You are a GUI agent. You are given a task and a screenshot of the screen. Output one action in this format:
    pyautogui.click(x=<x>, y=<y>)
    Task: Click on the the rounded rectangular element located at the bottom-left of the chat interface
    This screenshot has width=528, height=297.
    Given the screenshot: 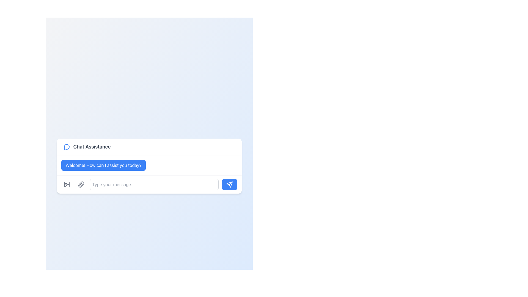 What is the action you would take?
    pyautogui.click(x=66, y=185)
    